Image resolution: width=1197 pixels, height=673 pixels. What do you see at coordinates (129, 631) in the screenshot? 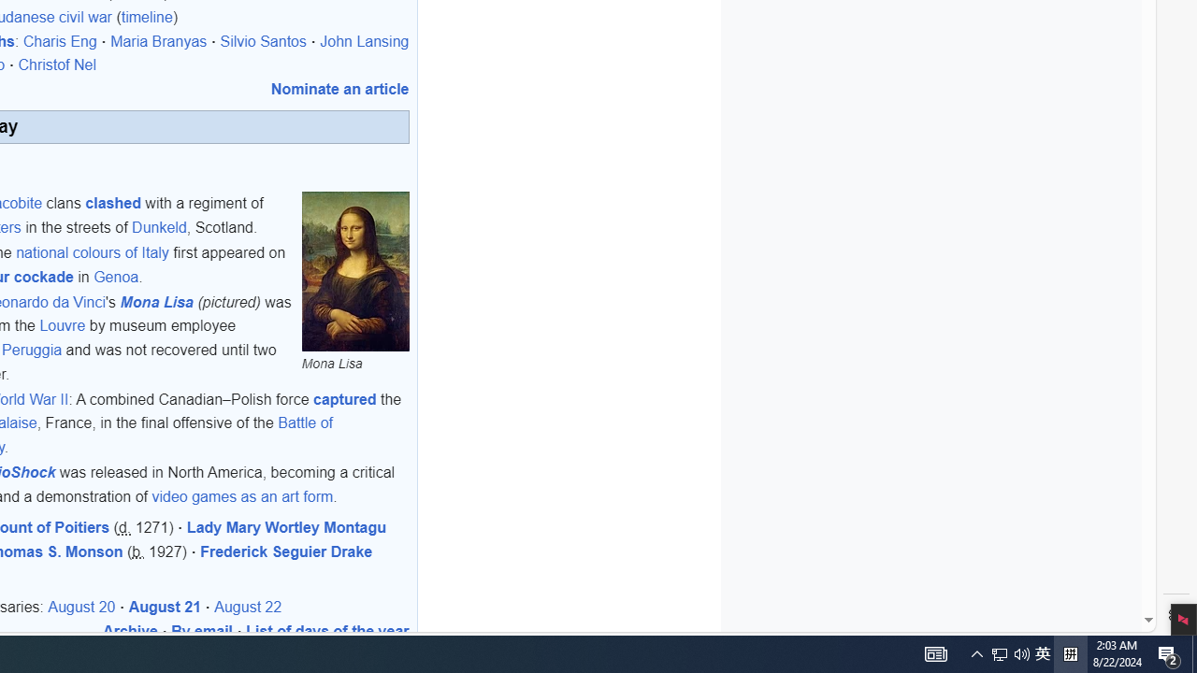
I see `'Archive'` at bounding box center [129, 631].